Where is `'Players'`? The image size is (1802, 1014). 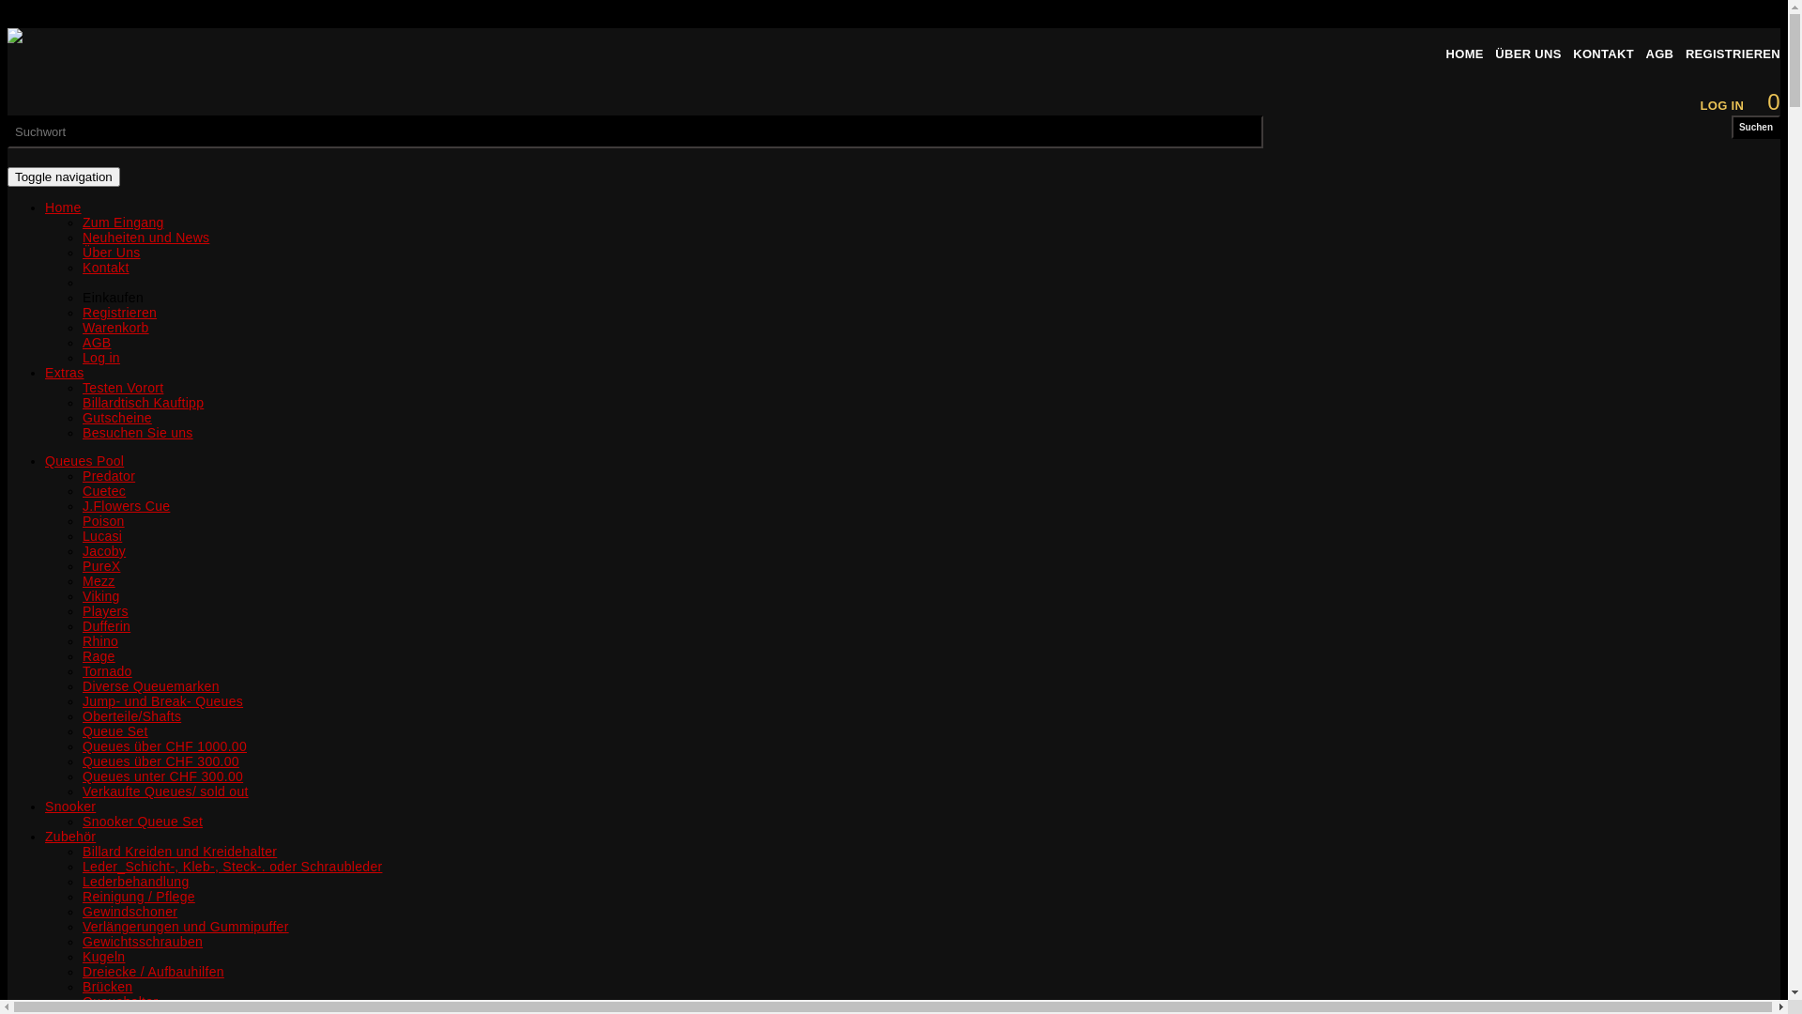 'Players' is located at coordinates (104, 611).